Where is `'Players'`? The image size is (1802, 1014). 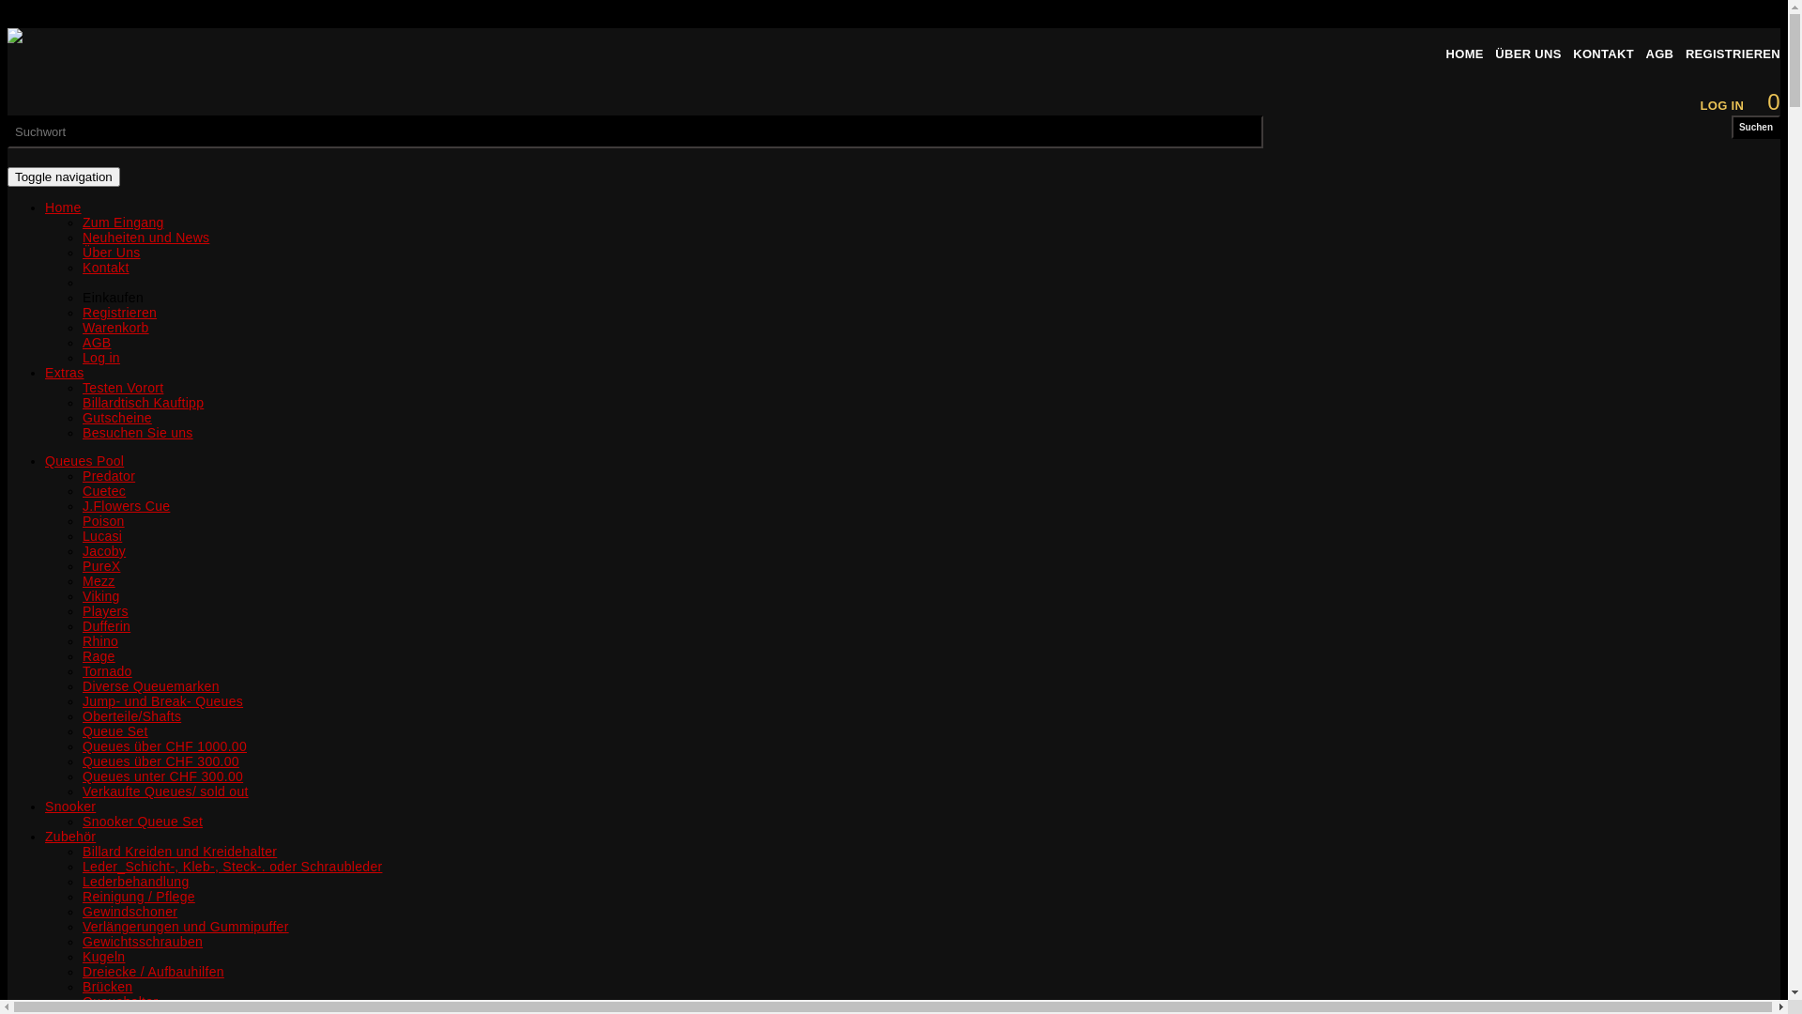 'Players' is located at coordinates (104, 611).